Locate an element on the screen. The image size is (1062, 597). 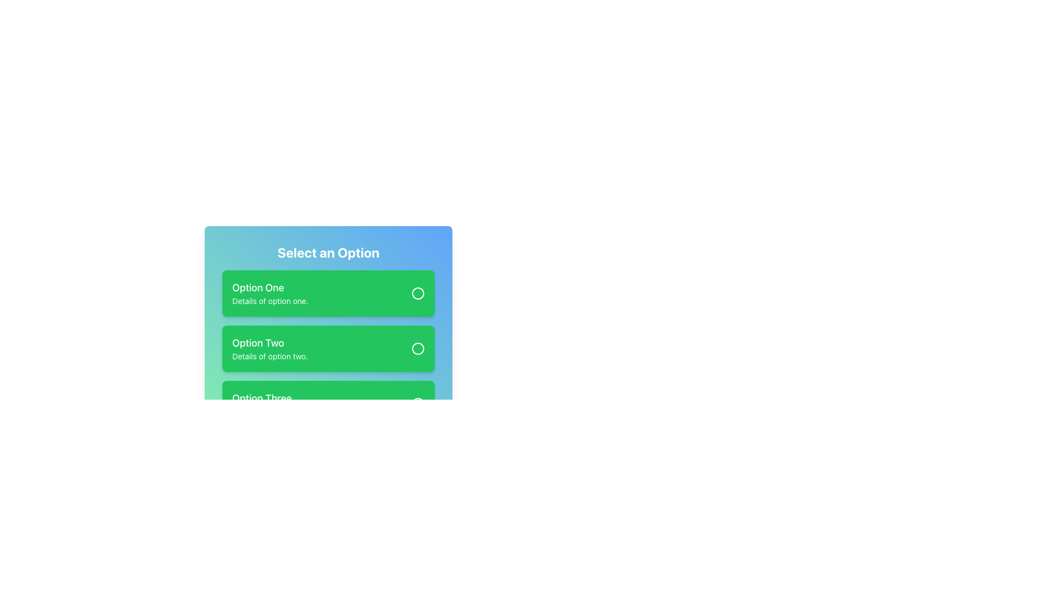
the circle that serves as the visual indicator for the third option in the list of radio buttons is located at coordinates (417, 404).